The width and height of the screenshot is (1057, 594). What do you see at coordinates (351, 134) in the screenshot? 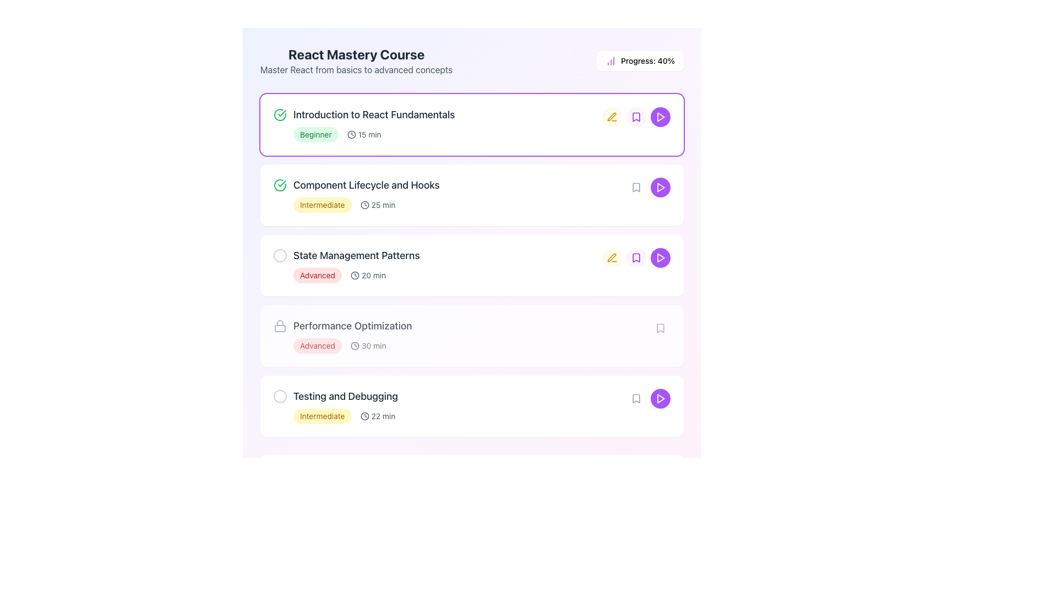
I see `the clock icon that visually indicates a duration of '15 min' to focus on it, as it is interactive and located to the left of the text` at bounding box center [351, 134].